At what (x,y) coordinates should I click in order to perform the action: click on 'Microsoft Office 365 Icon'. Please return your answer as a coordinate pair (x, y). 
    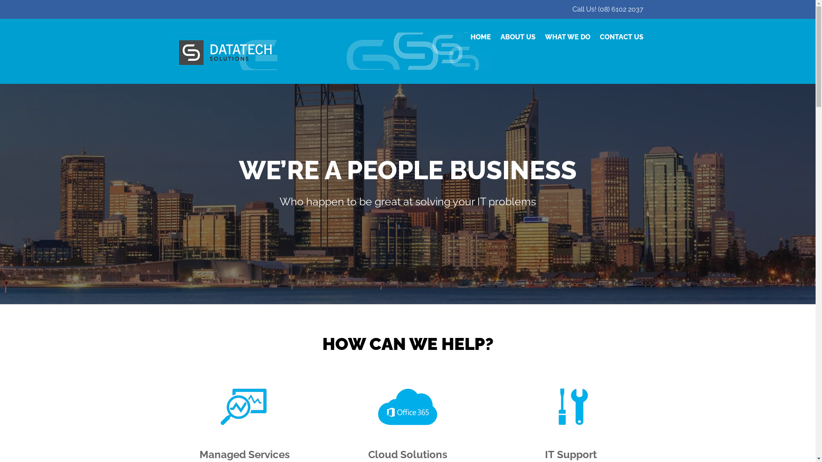
    Looking at the image, I should click on (407, 406).